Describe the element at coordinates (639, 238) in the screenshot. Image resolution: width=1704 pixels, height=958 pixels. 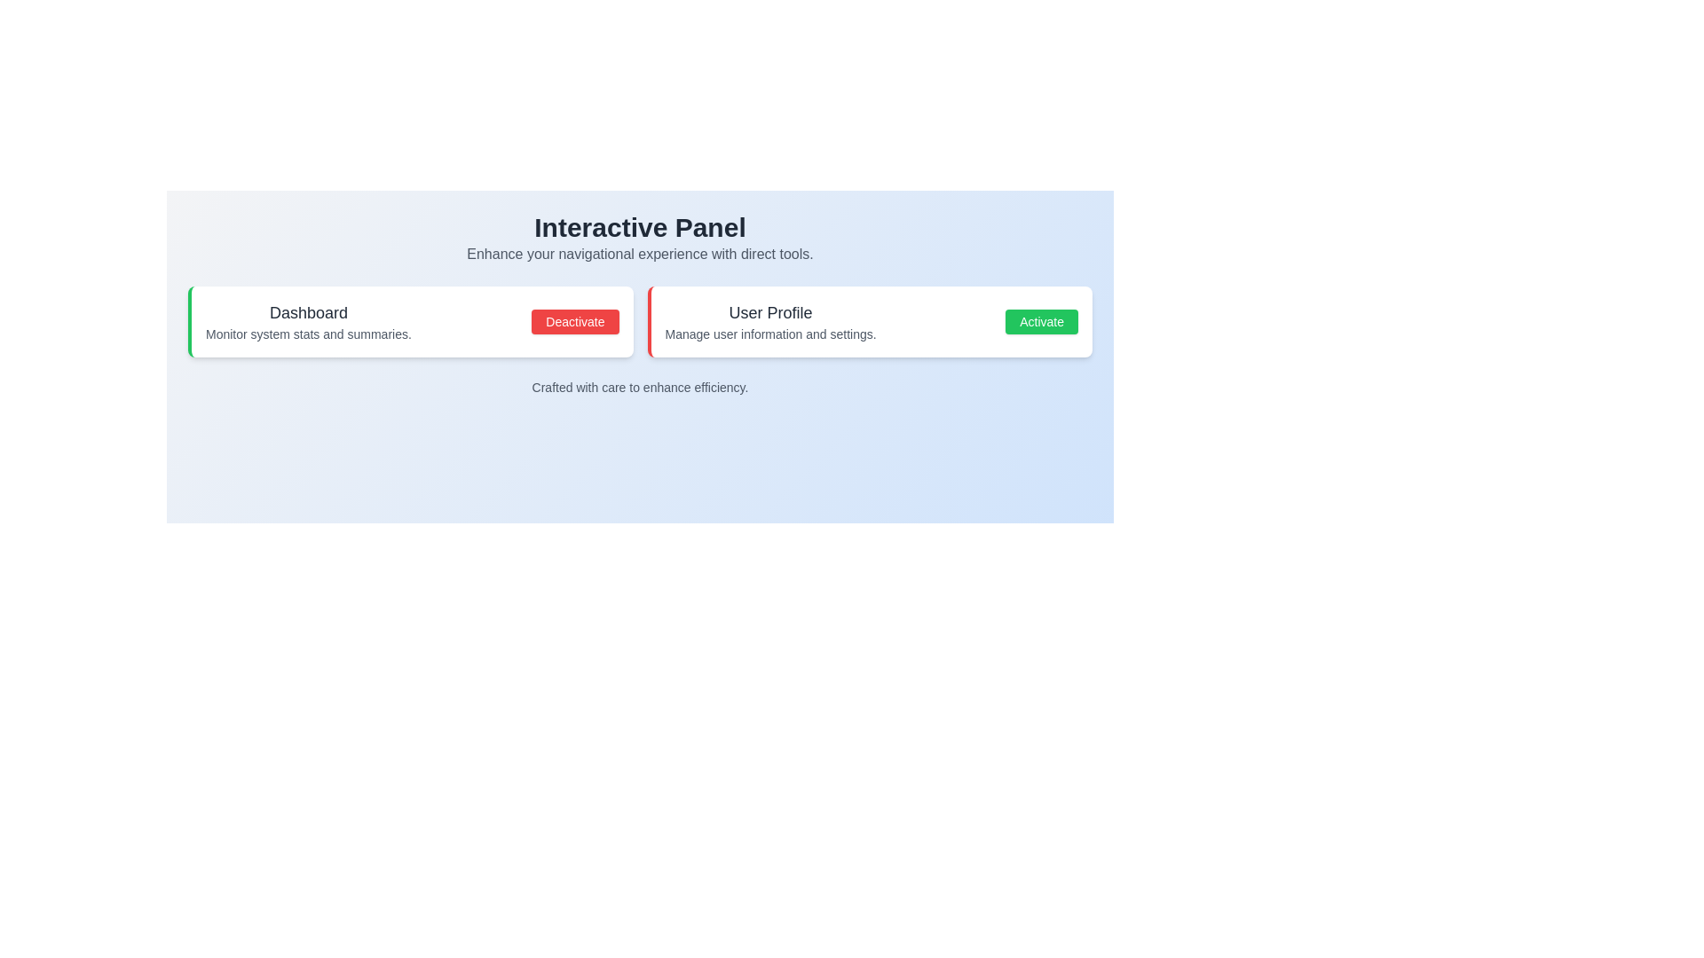
I see `text of the header section titled 'Interactive Panel' which includes the subtitle 'Enhance your navigational experience with direct tools.'` at that location.